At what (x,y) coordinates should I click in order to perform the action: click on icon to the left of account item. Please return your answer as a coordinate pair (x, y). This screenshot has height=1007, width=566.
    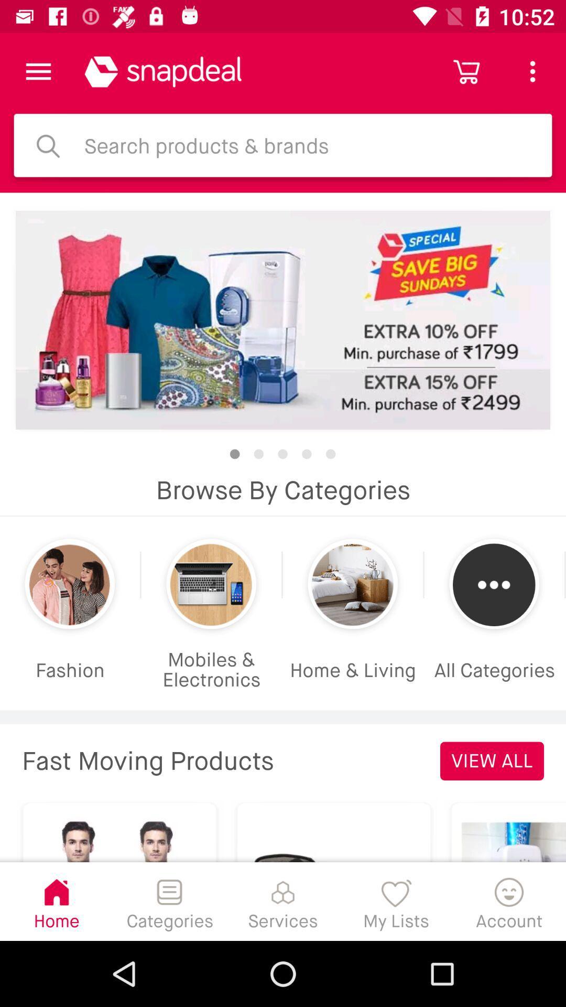
    Looking at the image, I should click on (396, 901).